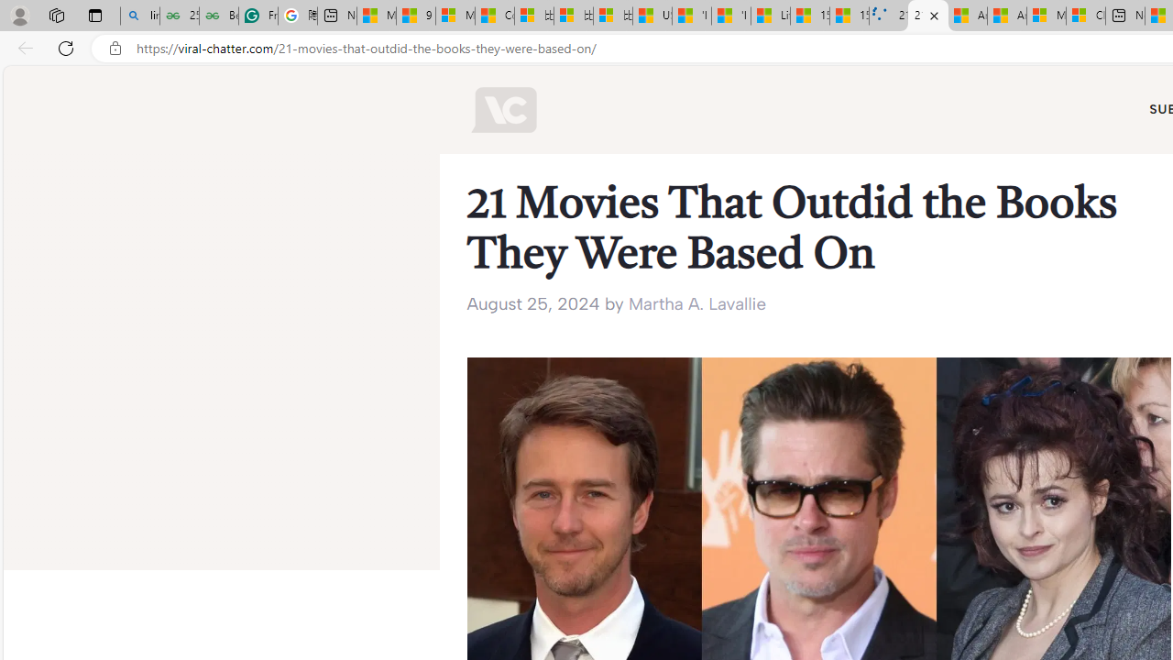 The image size is (1173, 660). I want to click on 'Free AI Writing Assistance for Students | Grammarly', so click(258, 16).